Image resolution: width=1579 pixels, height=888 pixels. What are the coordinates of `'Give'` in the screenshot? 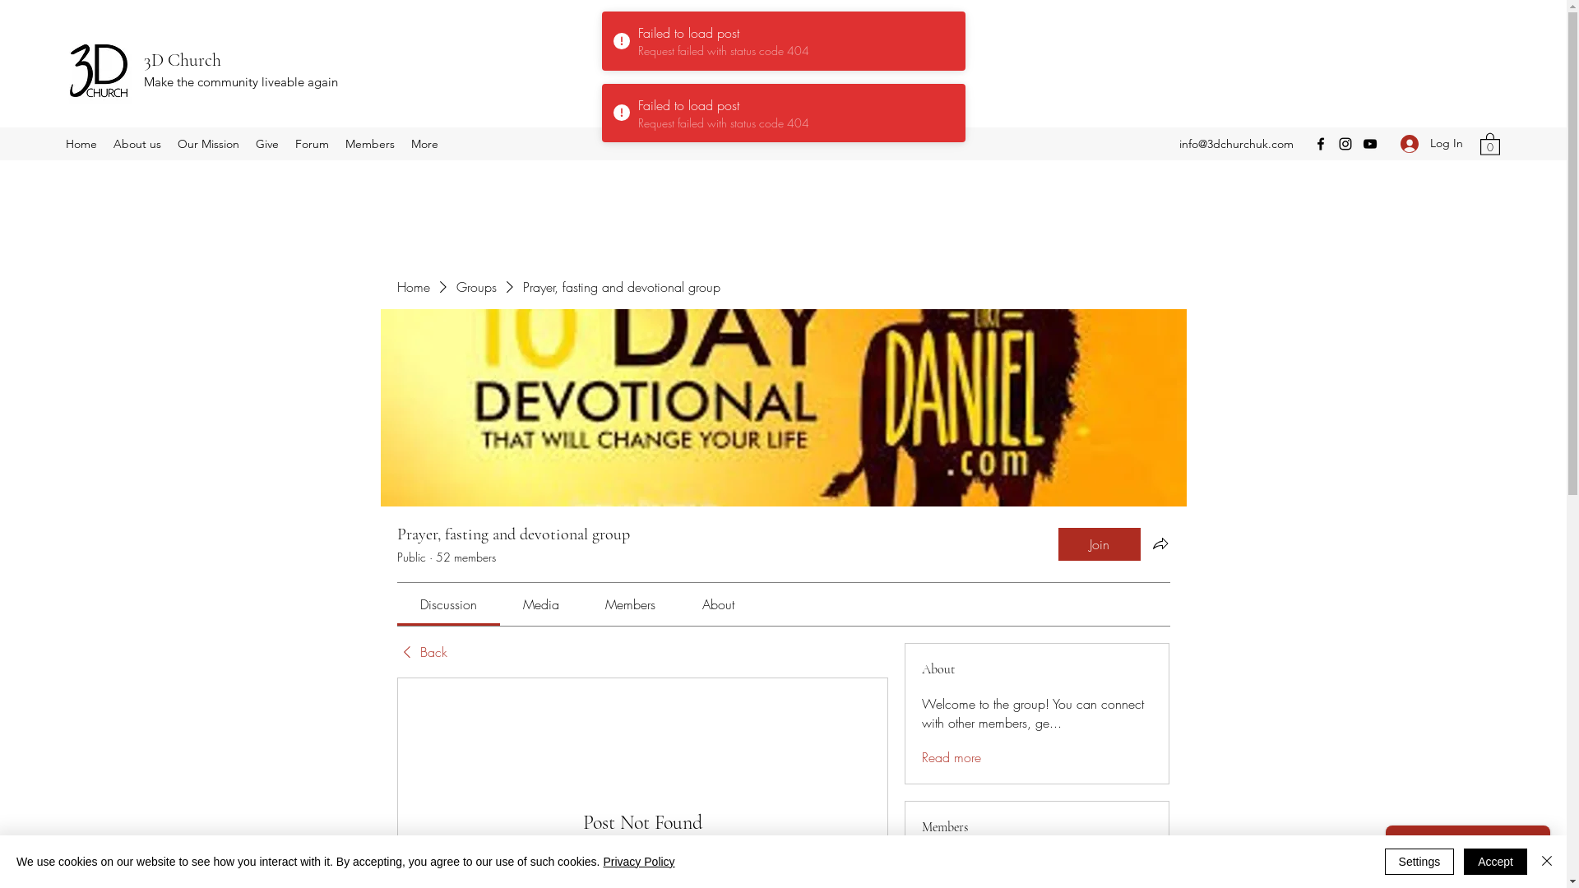 It's located at (267, 142).